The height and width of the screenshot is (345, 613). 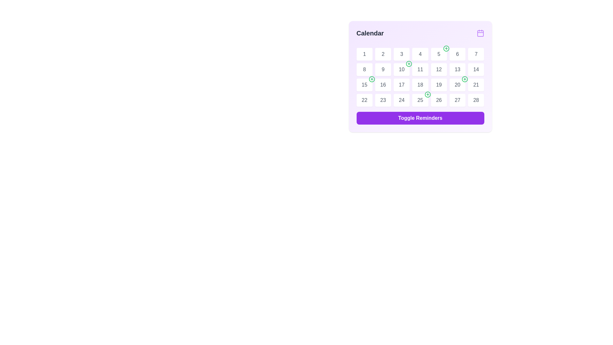 What do you see at coordinates (364, 70) in the screenshot?
I see `number '8' displayed in the text-based calendar tile, which is a white, rounded rectangular box located in the second row, first column of the calendar grid` at bounding box center [364, 70].